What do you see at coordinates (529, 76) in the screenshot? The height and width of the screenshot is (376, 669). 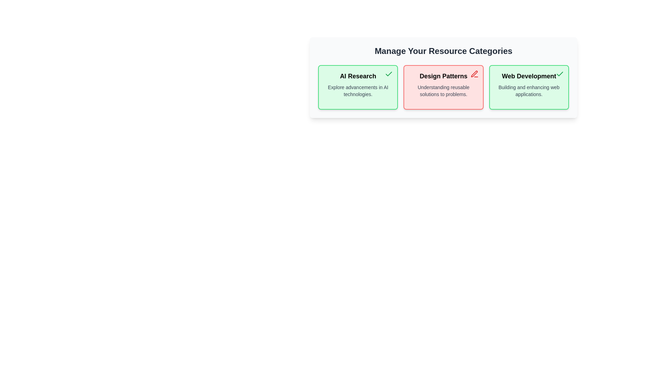 I see `the text of the category name or description for Web Development` at bounding box center [529, 76].